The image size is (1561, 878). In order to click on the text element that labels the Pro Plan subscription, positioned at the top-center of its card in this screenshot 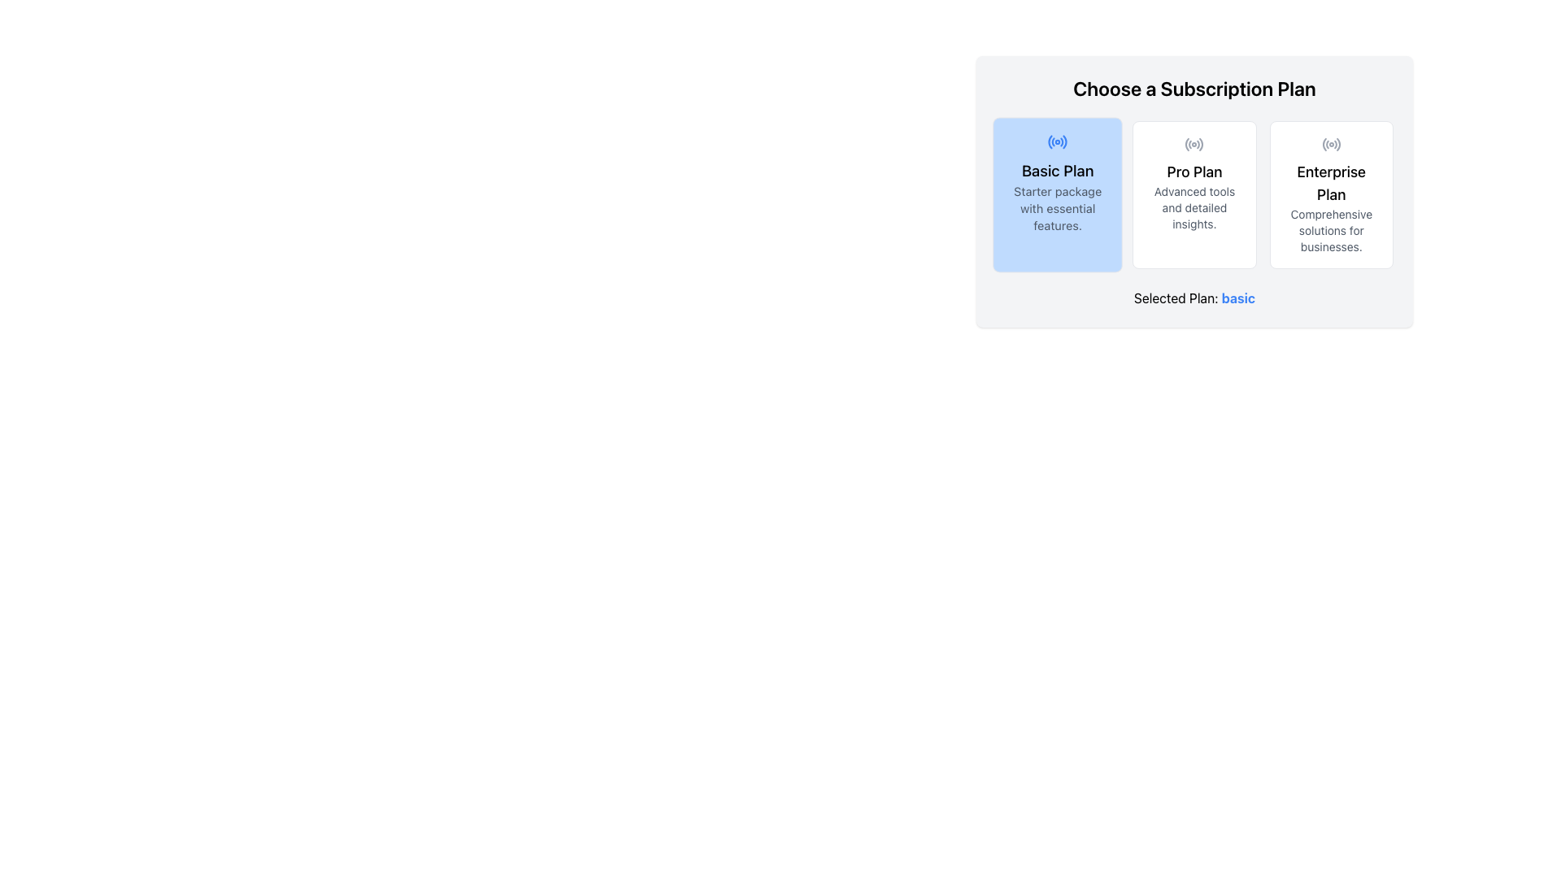, I will do `click(1194, 172)`.